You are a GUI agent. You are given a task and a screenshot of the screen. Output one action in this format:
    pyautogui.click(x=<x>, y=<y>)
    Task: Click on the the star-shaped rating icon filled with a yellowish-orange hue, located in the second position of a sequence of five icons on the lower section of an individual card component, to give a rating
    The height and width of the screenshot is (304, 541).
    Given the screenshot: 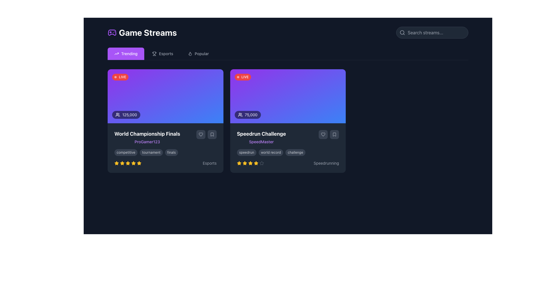 What is the action you would take?
    pyautogui.click(x=256, y=163)
    